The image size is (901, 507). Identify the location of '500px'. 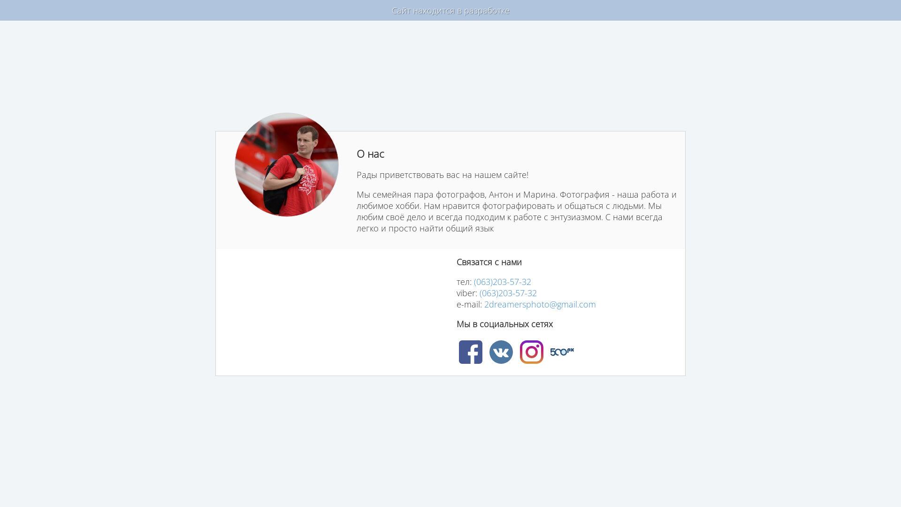
(561, 352).